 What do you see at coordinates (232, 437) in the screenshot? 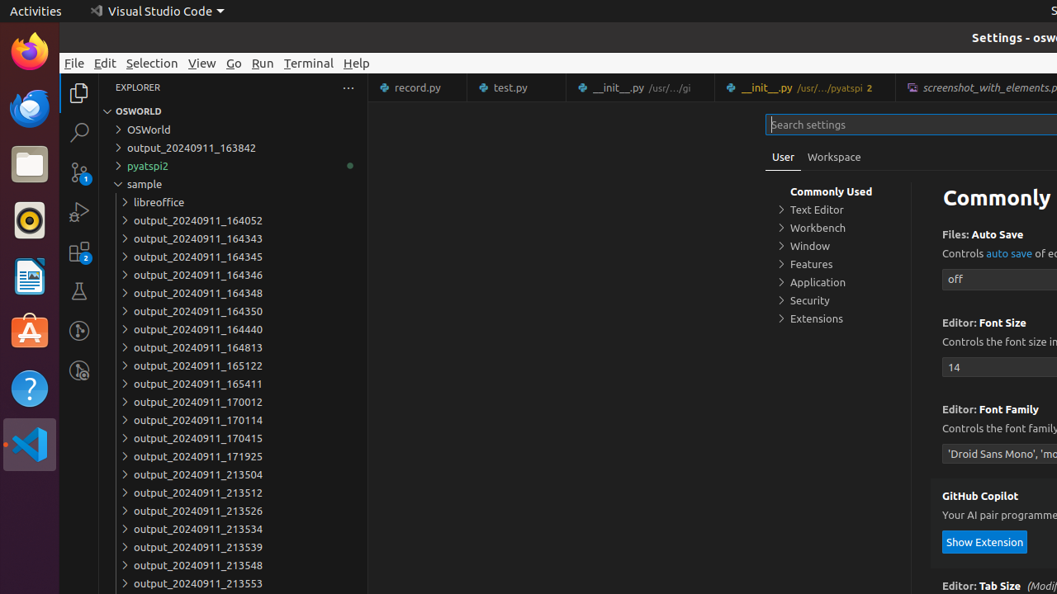
I see `'output_20240911_170415'` at bounding box center [232, 437].